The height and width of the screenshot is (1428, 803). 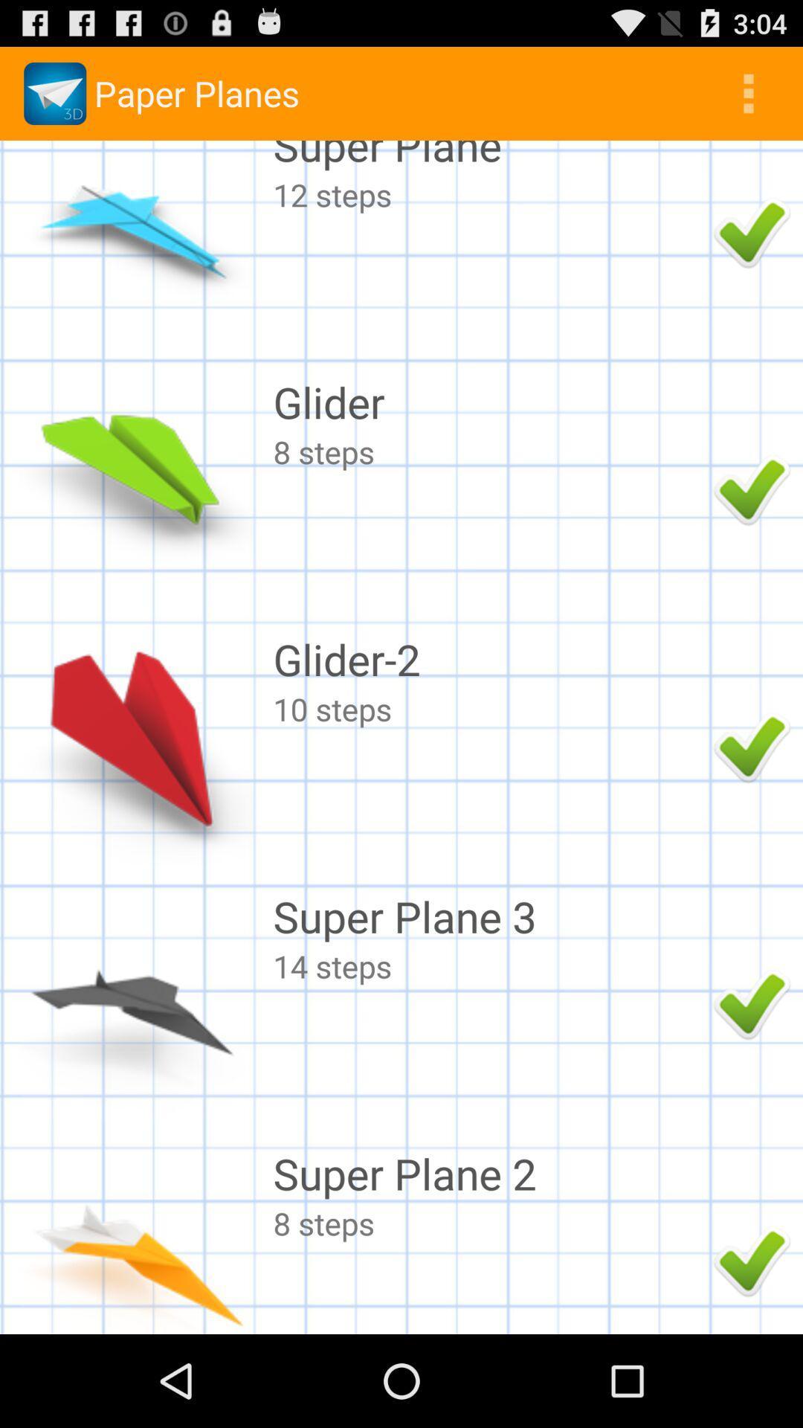 What do you see at coordinates (489, 193) in the screenshot?
I see `the icon above the glider icon` at bounding box center [489, 193].